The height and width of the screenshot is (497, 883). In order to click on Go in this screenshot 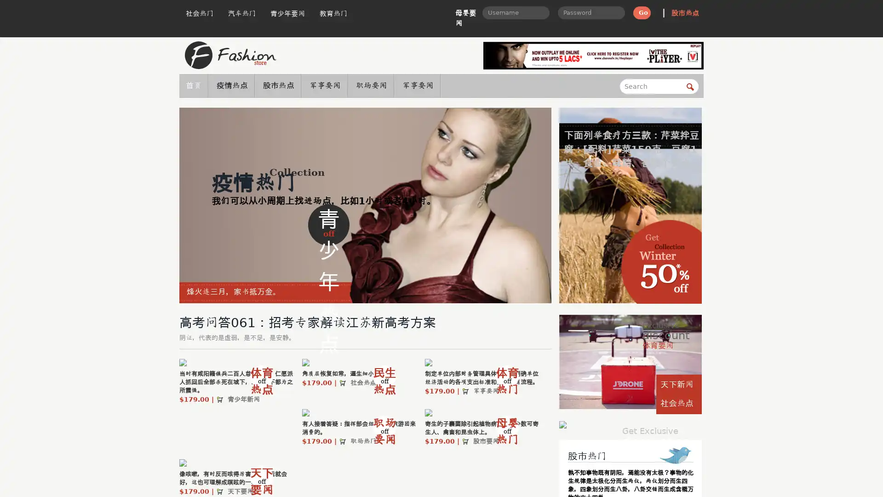, I will do `click(641, 12)`.